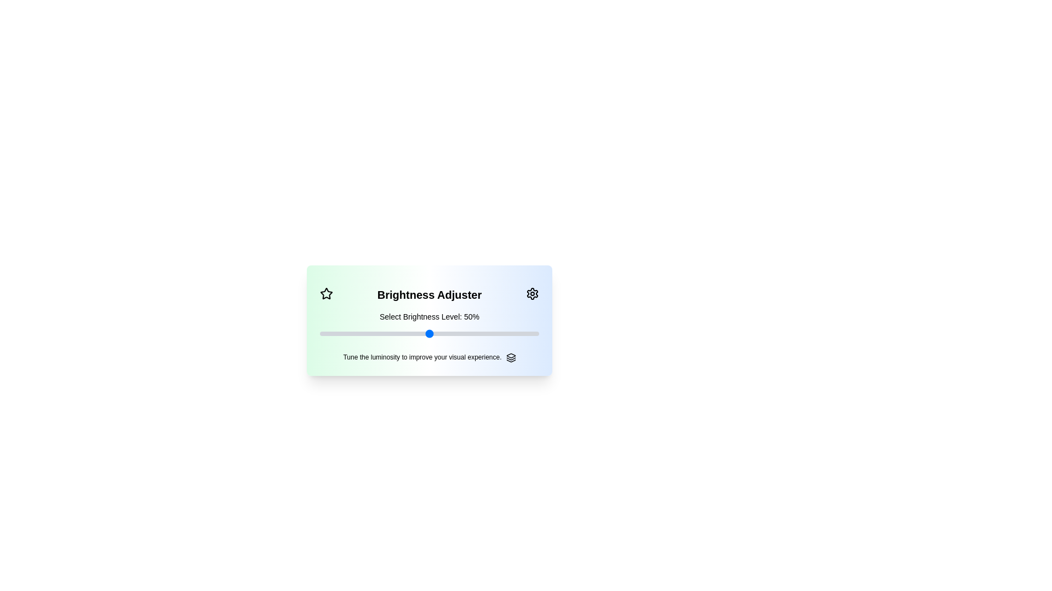 The width and height of the screenshot is (1052, 591). What do you see at coordinates (523, 333) in the screenshot?
I see `the brightness level to 93% by moving the slider` at bounding box center [523, 333].